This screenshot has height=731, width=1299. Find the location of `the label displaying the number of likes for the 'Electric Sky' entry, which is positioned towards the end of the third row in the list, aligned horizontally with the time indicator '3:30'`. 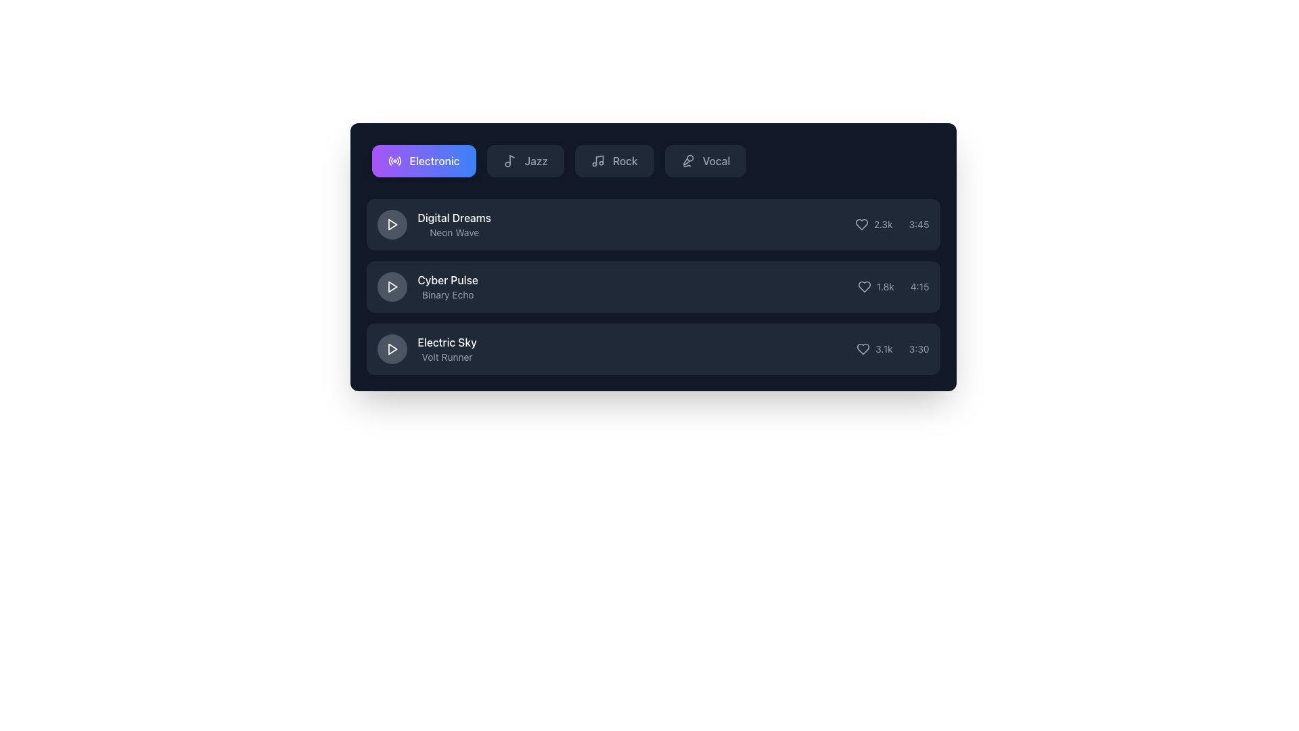

the label displaying the number of likes for the 'Electric Sky' entry, which is positioned towards the end of the third row in the list, aligned horizontally with the time indicator '3:30' is located at coordinates (874, 349).